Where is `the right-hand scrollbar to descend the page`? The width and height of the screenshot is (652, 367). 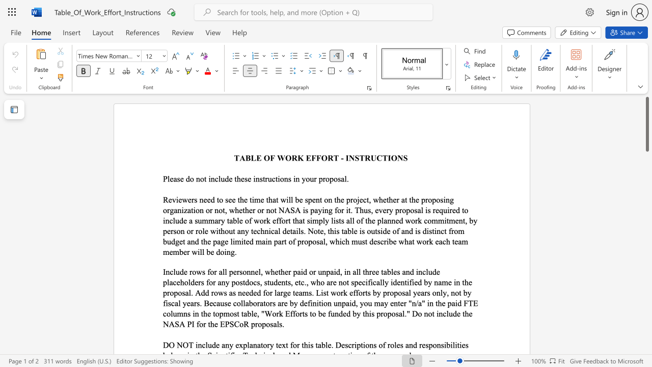
the right-hand scrollbar to descend the page is located at coordinates (646, 321).